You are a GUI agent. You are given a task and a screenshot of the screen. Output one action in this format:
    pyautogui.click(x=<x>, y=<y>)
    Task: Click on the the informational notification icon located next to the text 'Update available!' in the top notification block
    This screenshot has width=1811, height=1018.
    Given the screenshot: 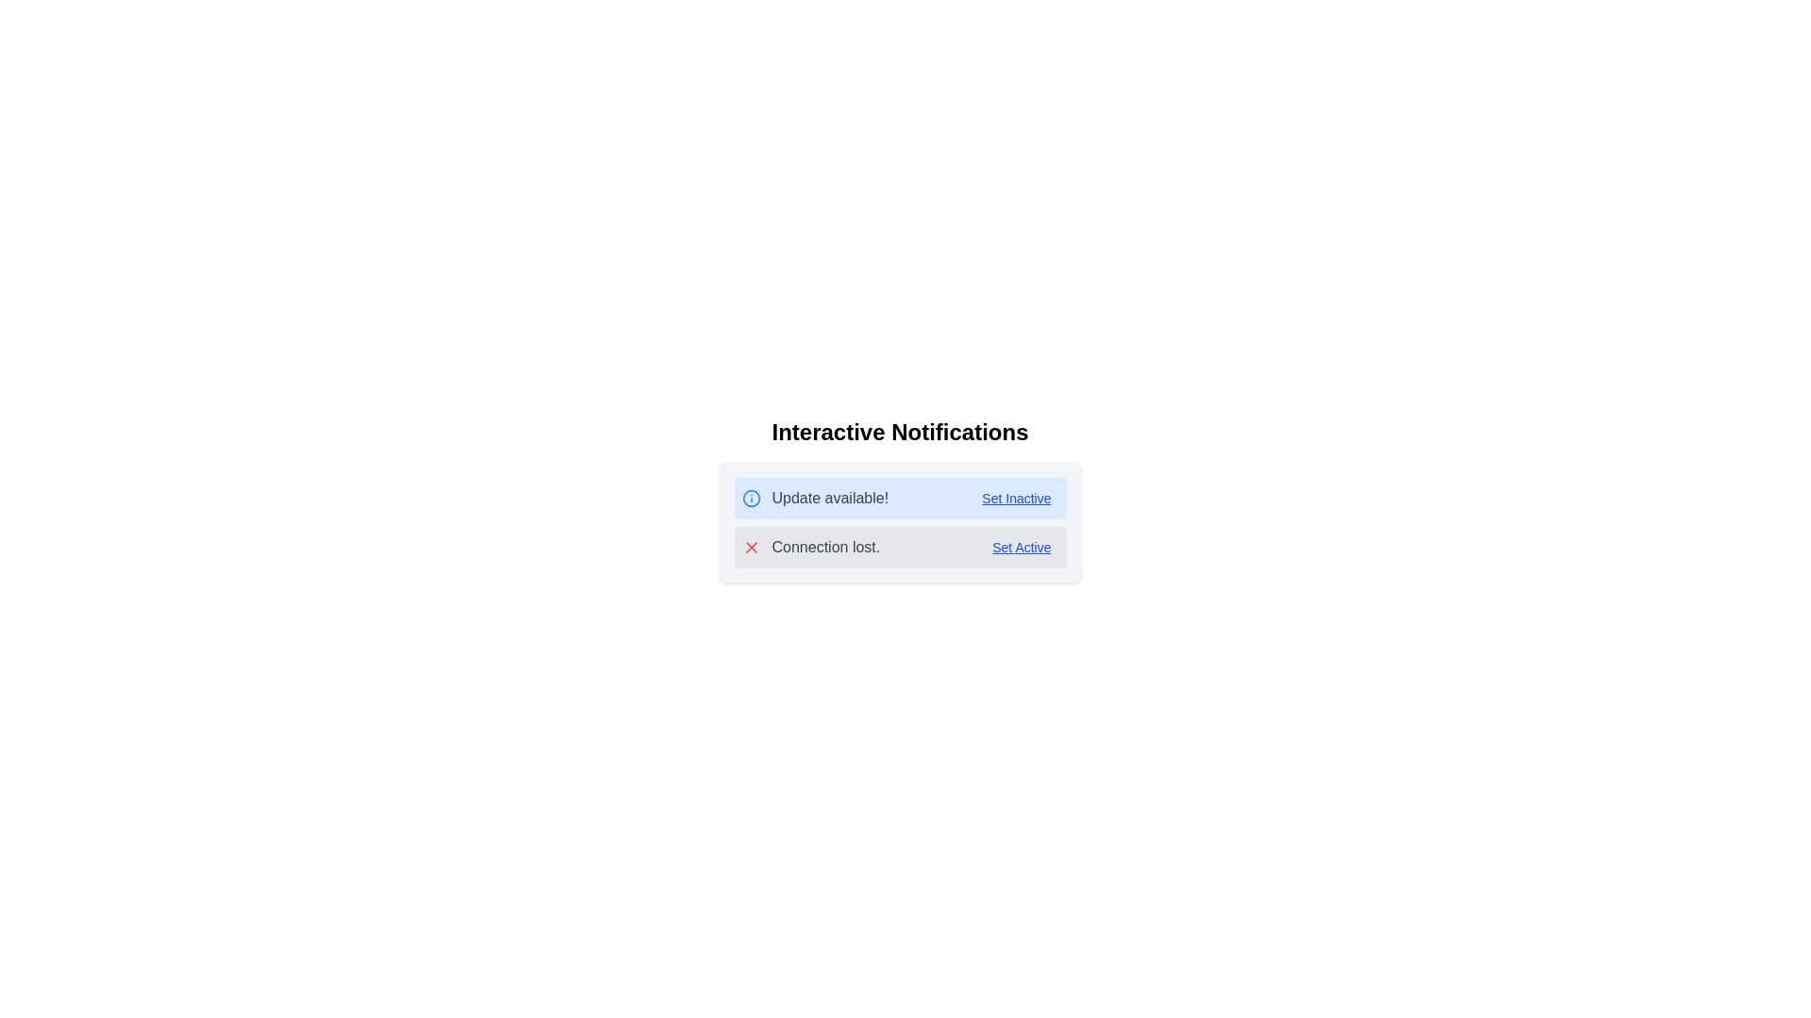 What is the action you would take?
    pyautogui.click(x=750, y=497)
    